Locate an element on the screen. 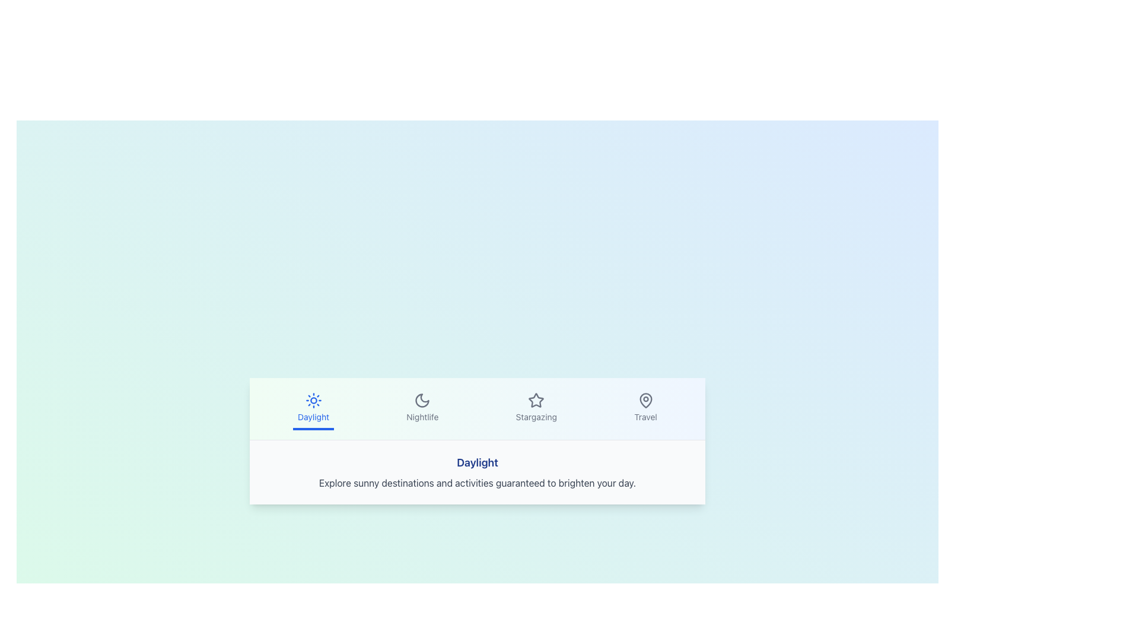 The image size is (1139, 641). the first tab labeled 'Daylight' in the horizontally aligned set of four tabs, located on the far left of the tab row is located at coordinates (313, 408).